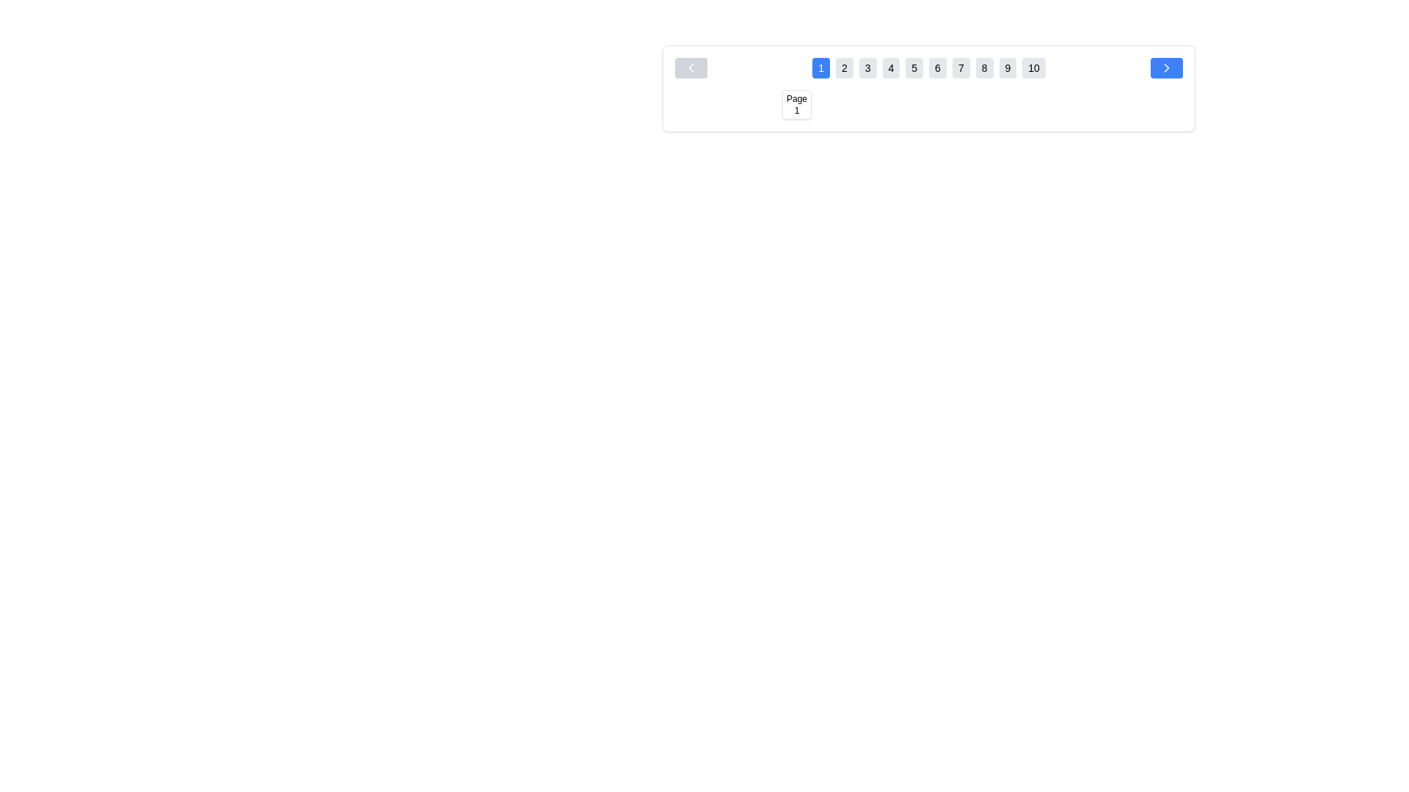  I want to click on the fourth pagination button located at the top center of the interface, so click(890, 67).